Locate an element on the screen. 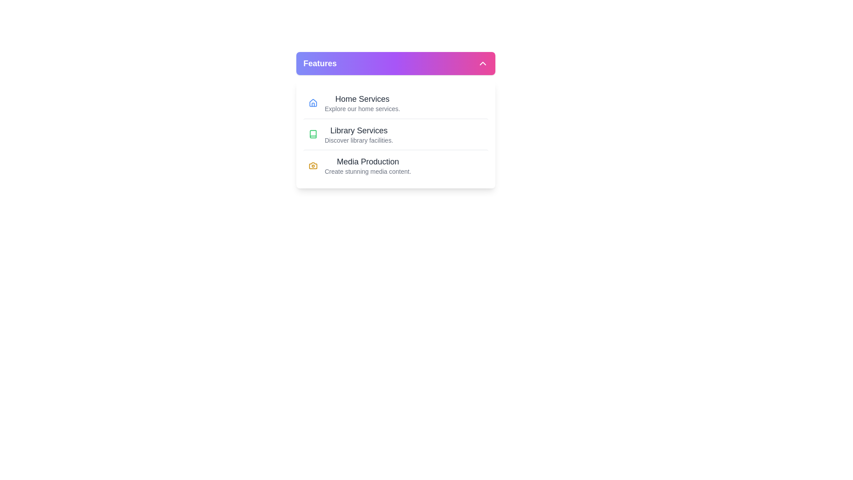  the first clickable menu list item under the 'Features' section is located at coordinates (395, 102).